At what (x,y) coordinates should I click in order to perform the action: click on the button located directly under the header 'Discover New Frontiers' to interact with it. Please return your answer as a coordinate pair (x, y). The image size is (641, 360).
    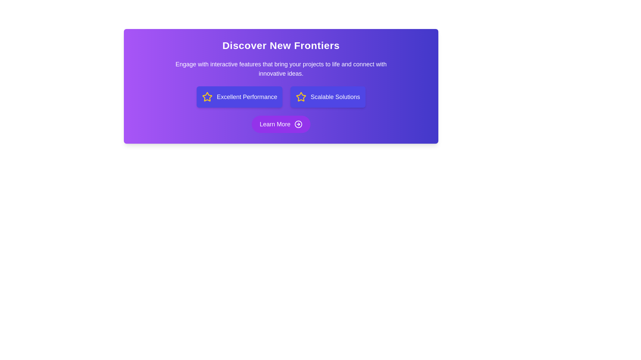
    Looking at the image, I should click on (239, 97).